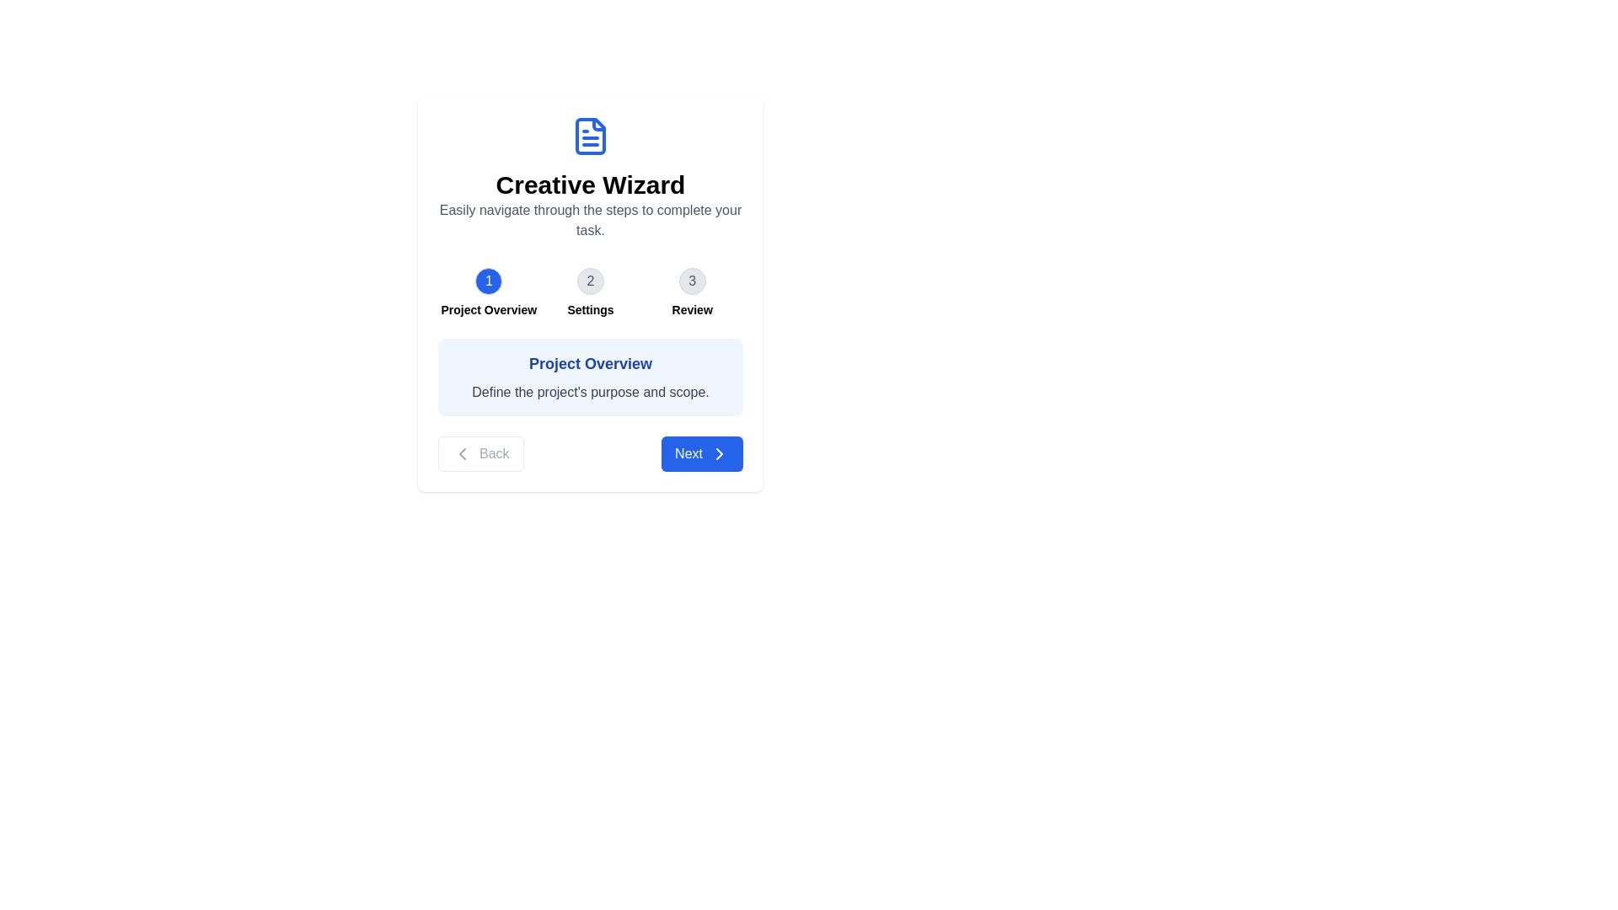 The height and width of the screenshot is (910, 1618). Describe the element at coordinates (692, 281) in the screenshot. I see `the circular step indicator button displaying the number '3', which is part of a horizontally aligned group of step indicators` at that location.